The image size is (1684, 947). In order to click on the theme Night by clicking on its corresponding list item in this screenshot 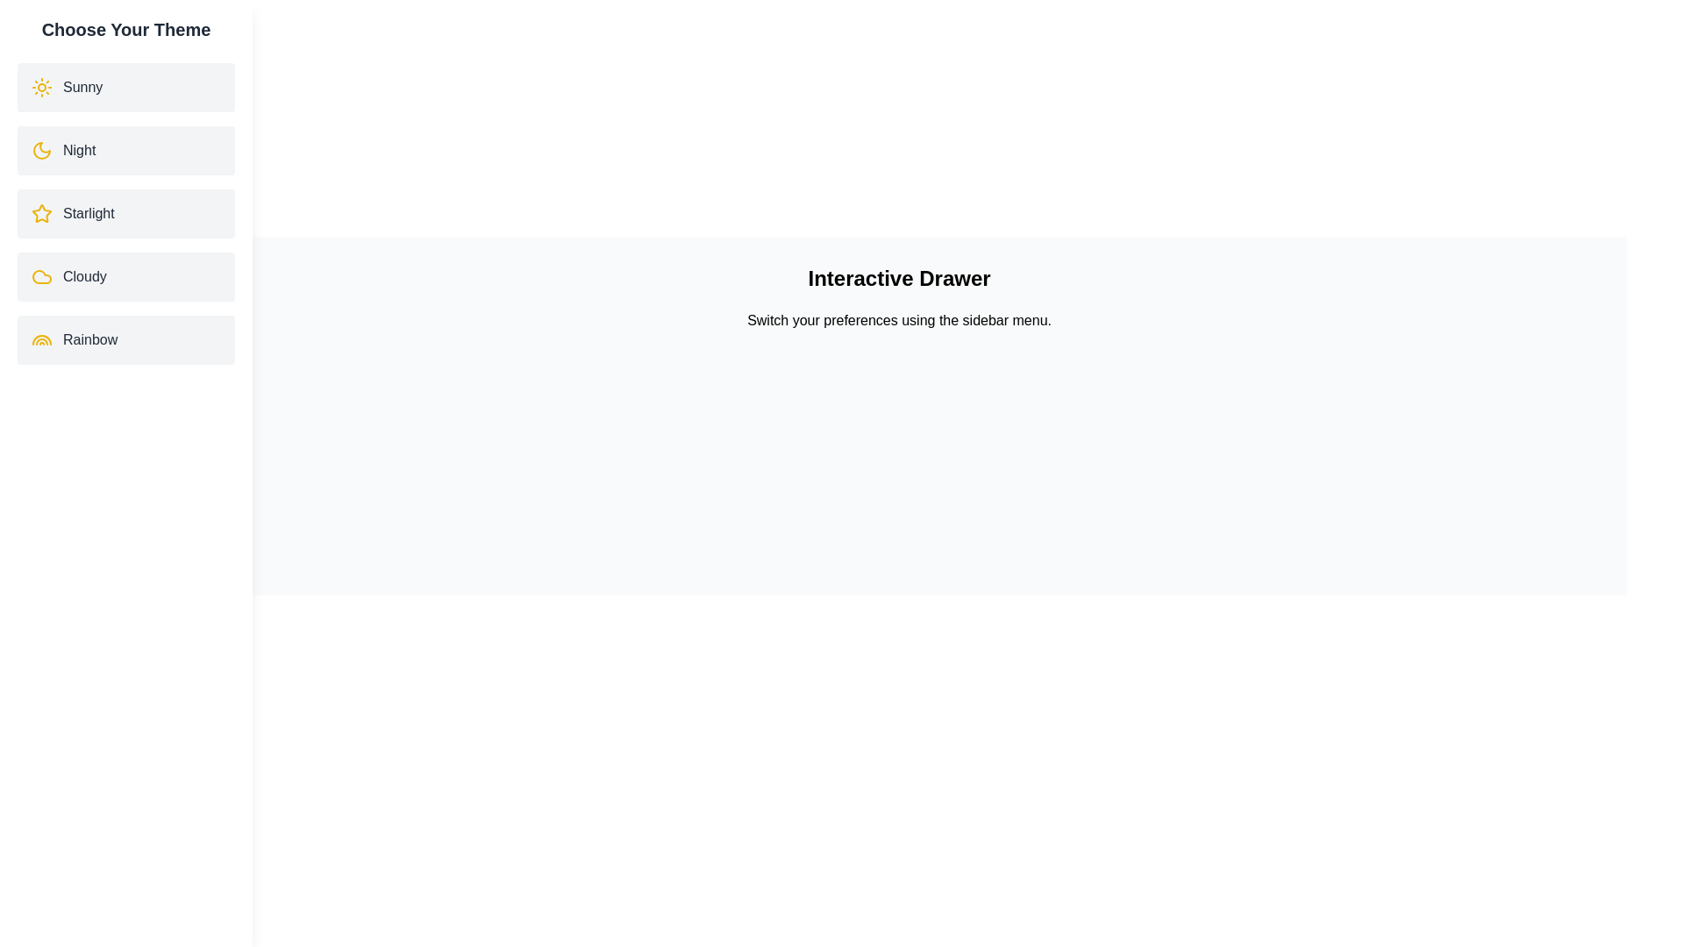, I will do `click(125, 150)`.